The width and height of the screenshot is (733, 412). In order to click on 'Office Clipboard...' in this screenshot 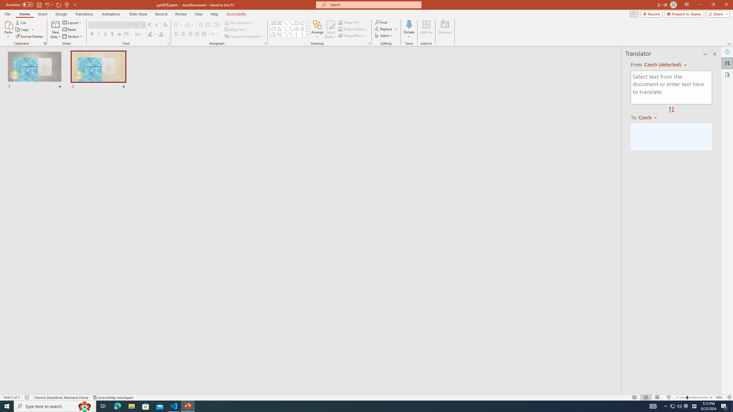, I will do `click(44, 43)`.